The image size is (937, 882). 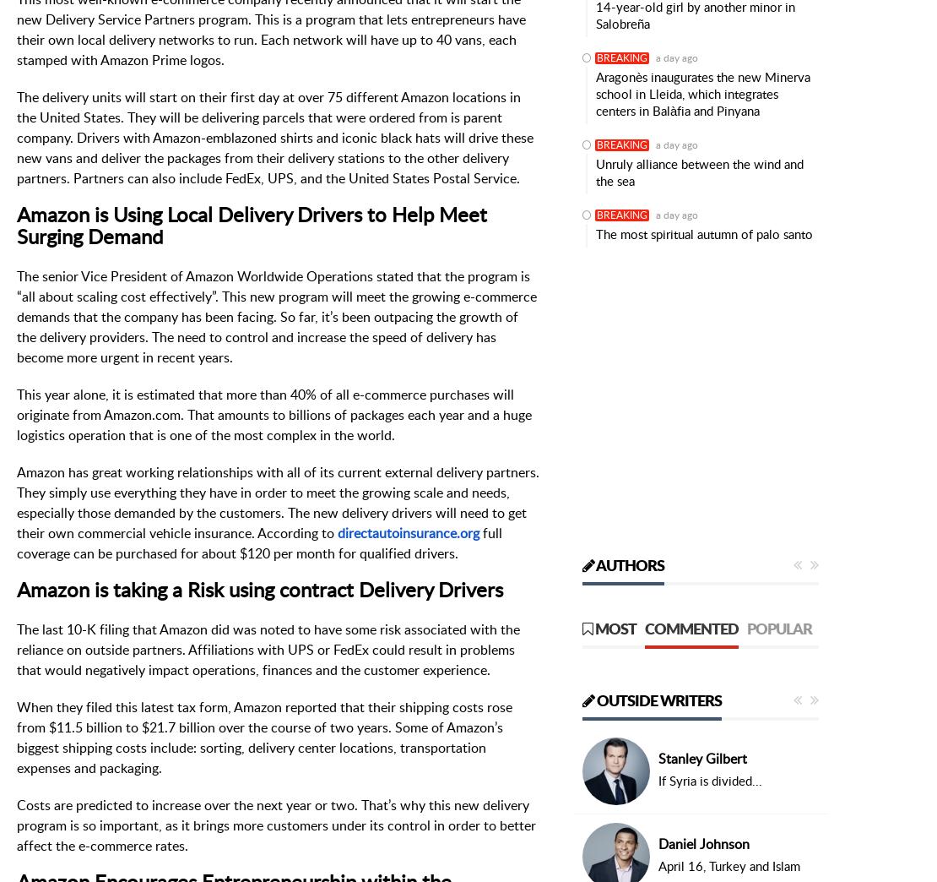 What do you see at coordinates (277, 502) in the screenshot?
I see `'Amazon has great working relationships with all of its current external delivery partners. They simply use everything they have in order to meet the growing scale and needs, especially those demanded by the customers. The new delivery drivers will need to get their own commercial vehicle insurance. According to'` at bounding box center [277, 502].